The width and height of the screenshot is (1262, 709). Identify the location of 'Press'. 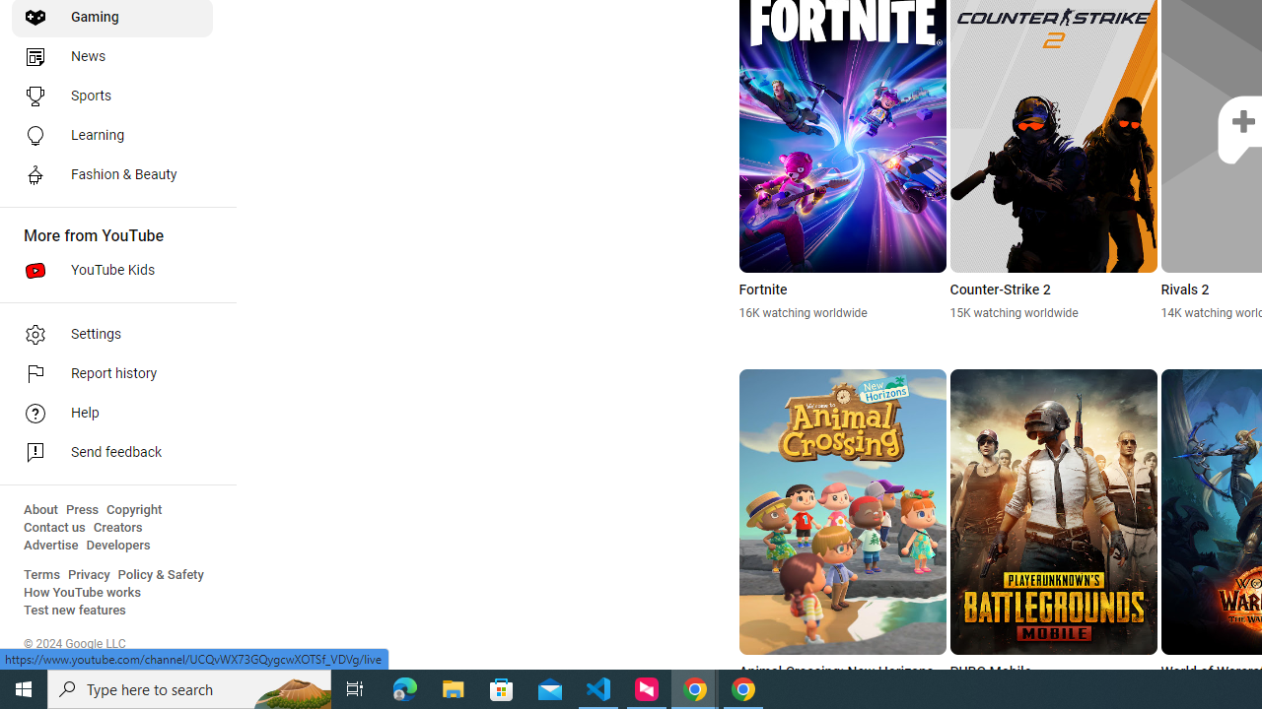
(81, 509).